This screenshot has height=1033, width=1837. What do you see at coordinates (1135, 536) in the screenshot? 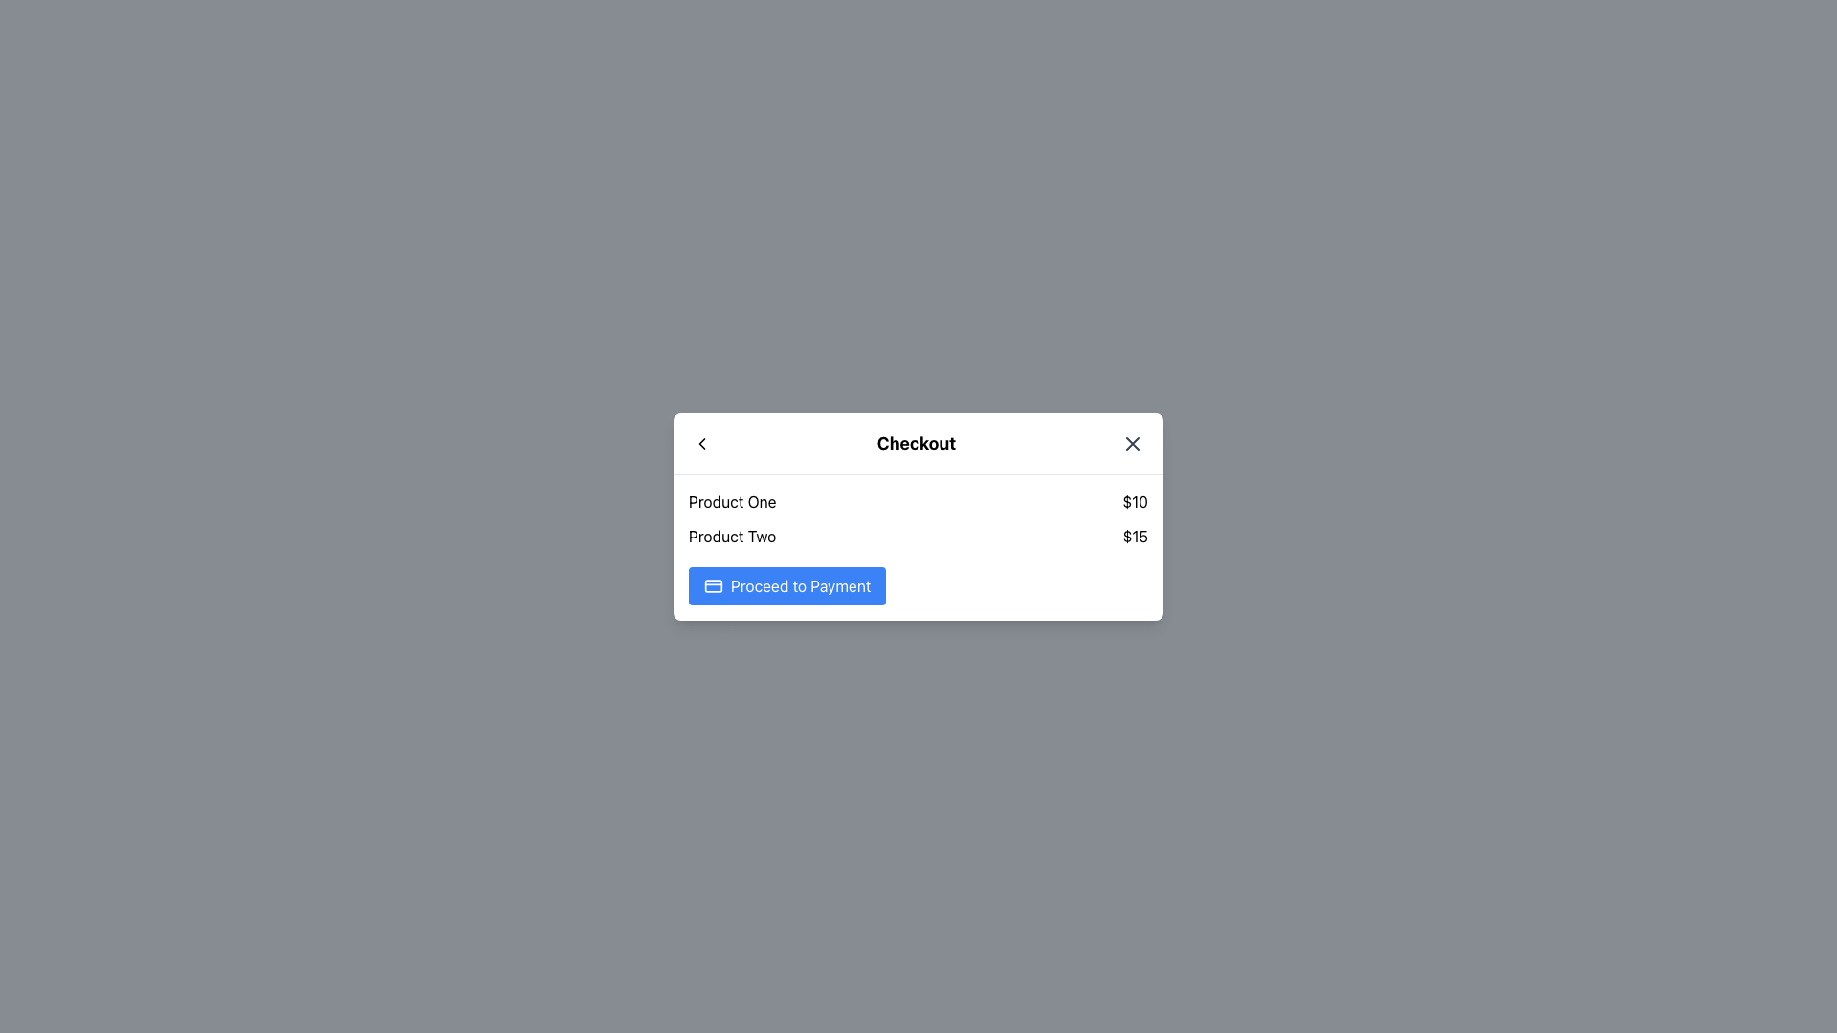
I see `the static text label displaying the monetary value '$15', which is positioned to the right of 'Product Two' in the checkout dialog box` at bounding box center [1135, 536].